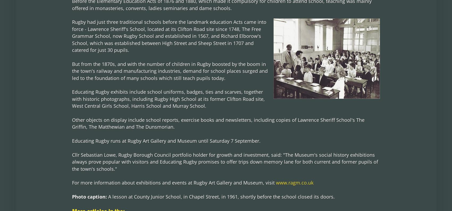  I want to click on 'www.ragm.co.uk', so click(295, 182).